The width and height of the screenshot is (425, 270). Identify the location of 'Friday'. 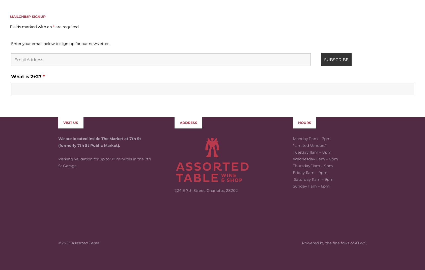
(299, 136).